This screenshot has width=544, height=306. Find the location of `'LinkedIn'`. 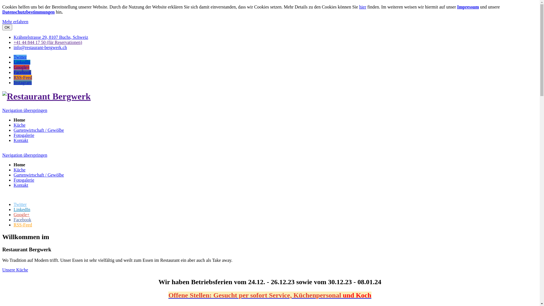

'LinkedIn' is located at coordinates (22, 209).